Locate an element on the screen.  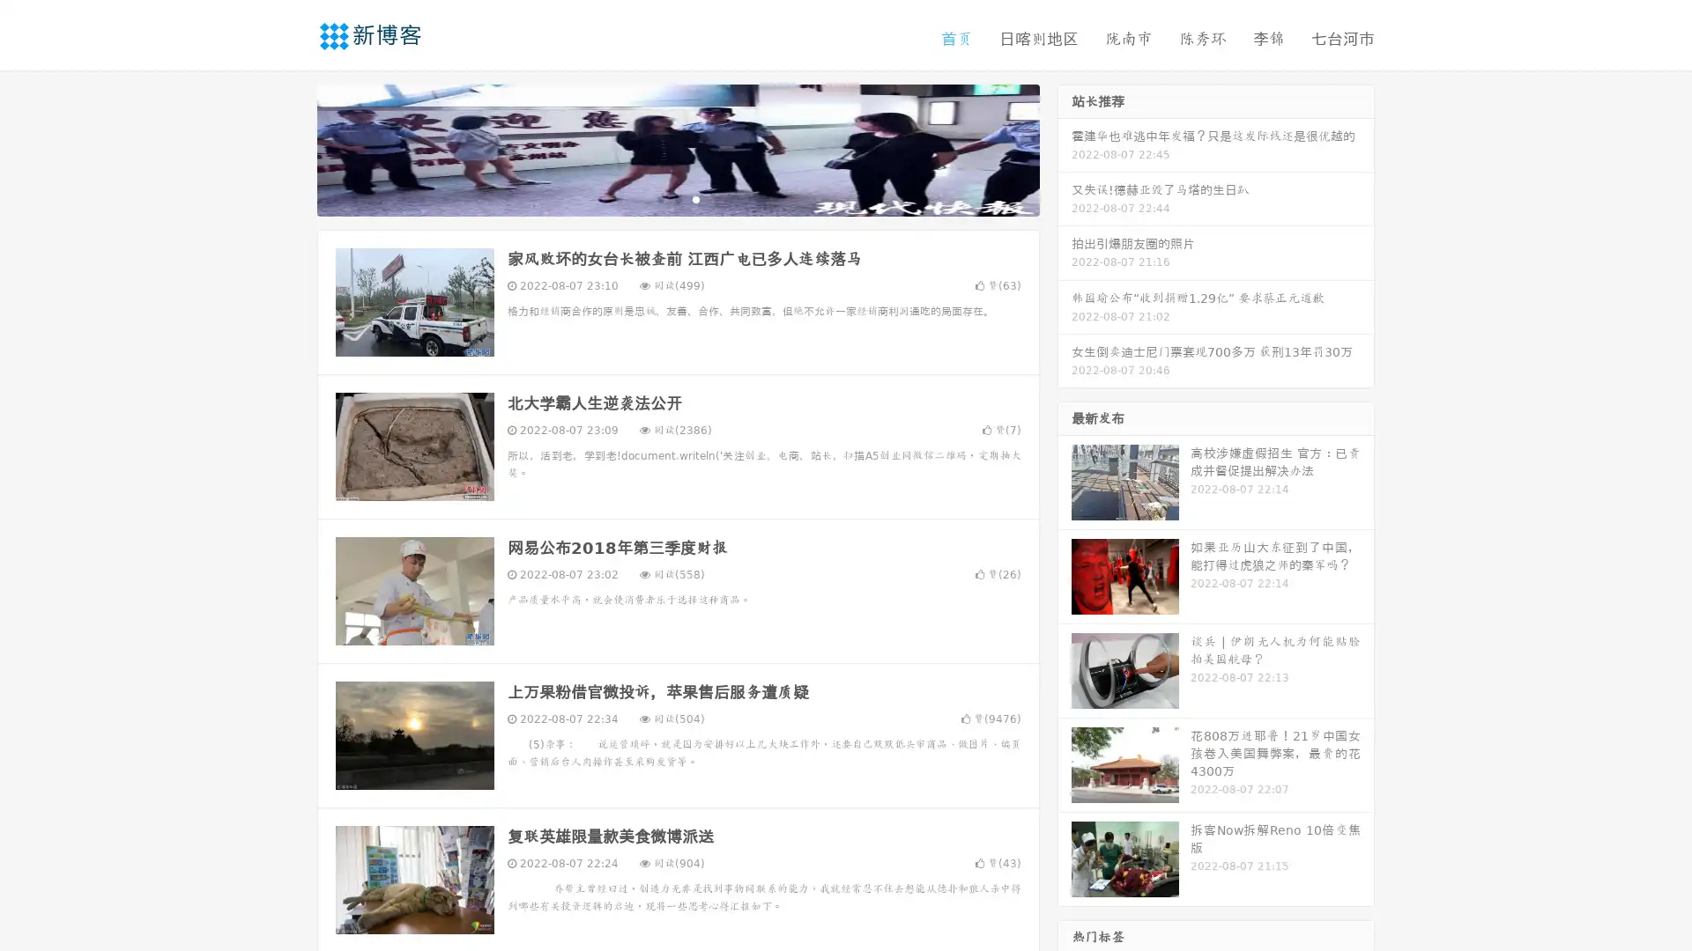
Go to slide 2 is located at coordinates (677, 198).